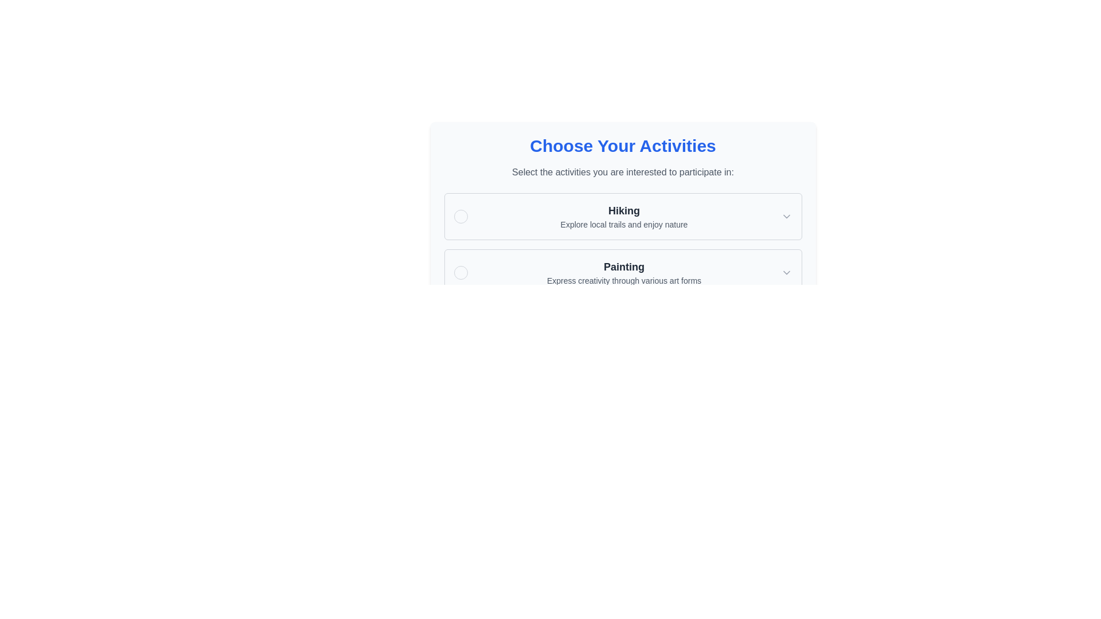  I want to click on the 'Painting' activity selection option, which is the second element, so click(622, 272).